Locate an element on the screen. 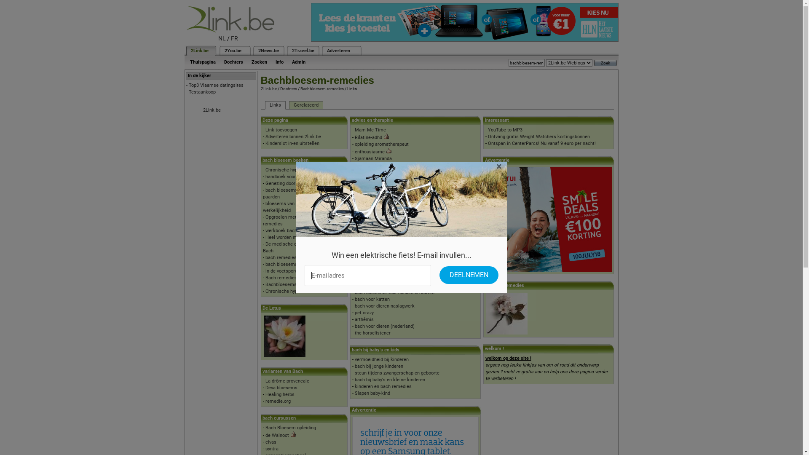 The height and width of the screenshot is (455, 809). 'Bach Bloesem opleiding' is located at coordinates (291, 428).